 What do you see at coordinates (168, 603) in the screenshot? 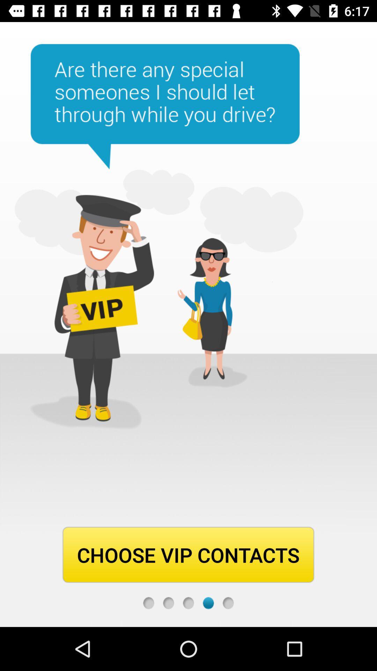
I see `swipe to see next option` at bounding box center [168, 603].